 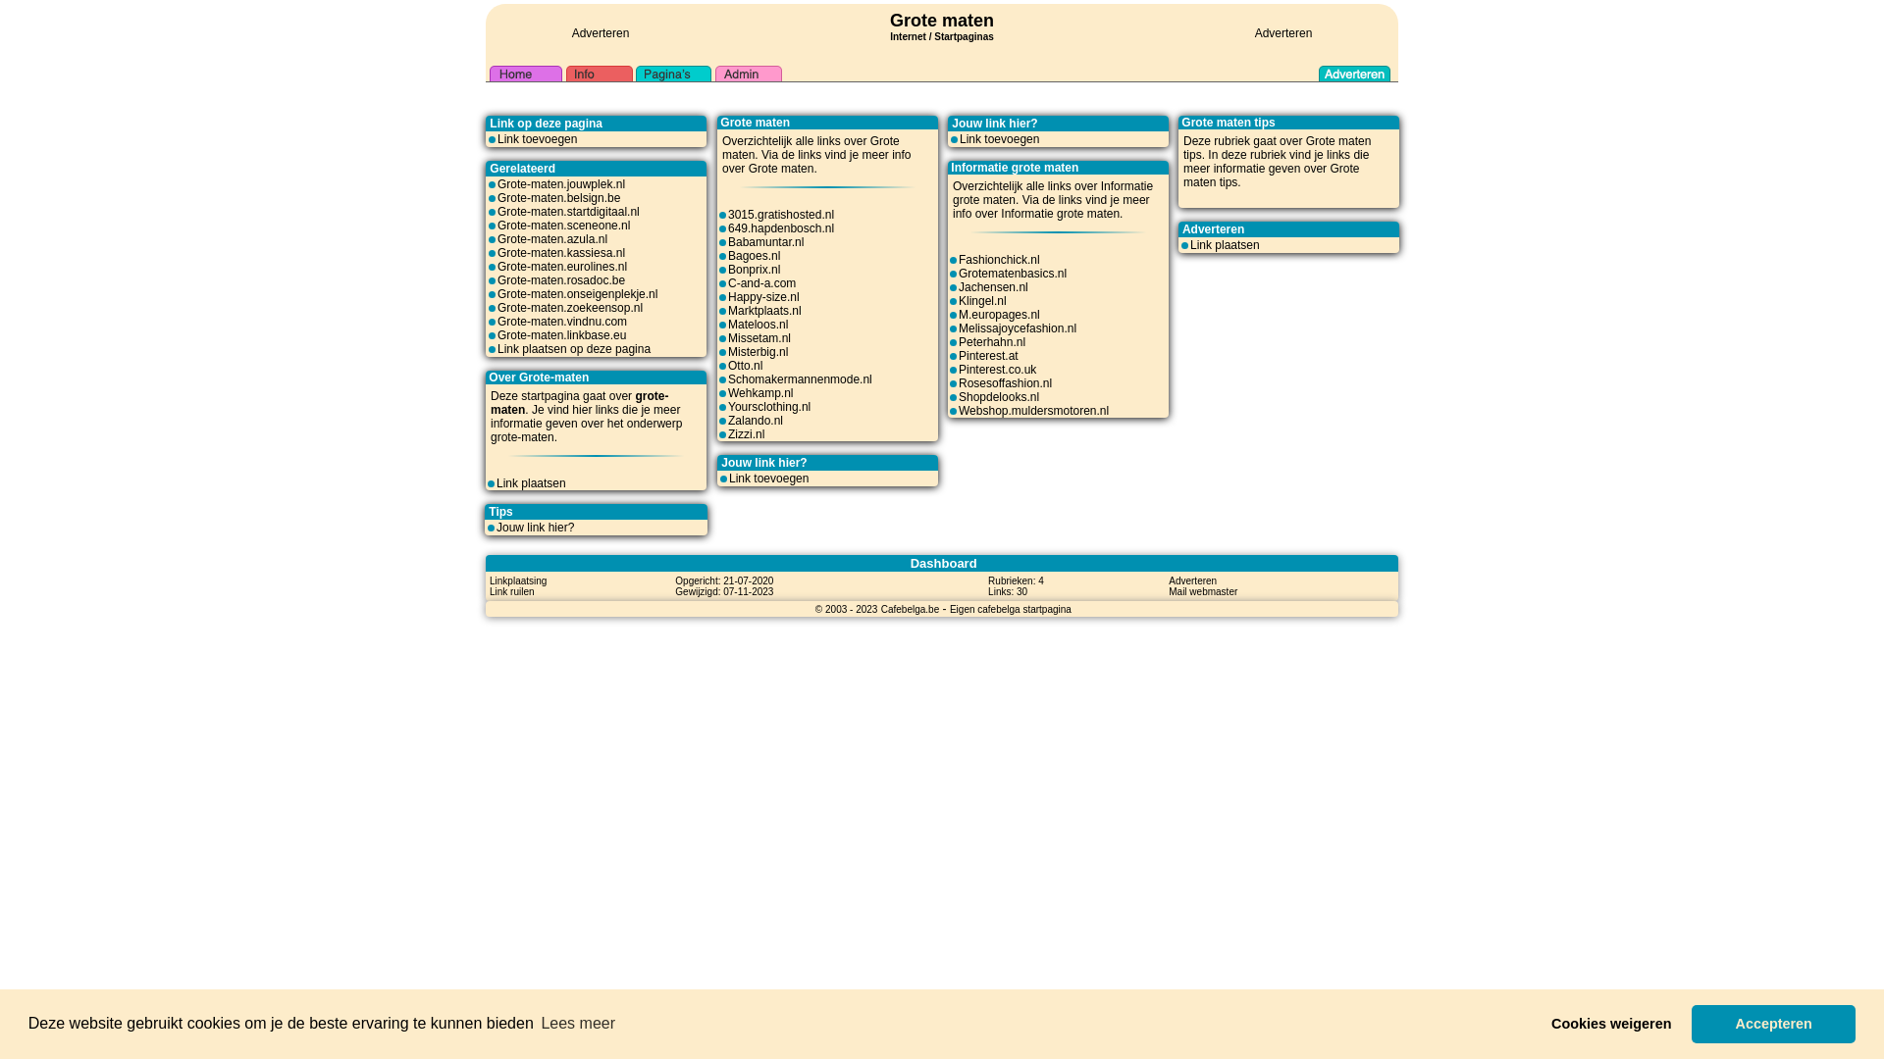 What do you see at coordinates (1005, 382) in the screenshot?
I see `'Rosesoffashion.nl'` at bounding box center [1005, 382].